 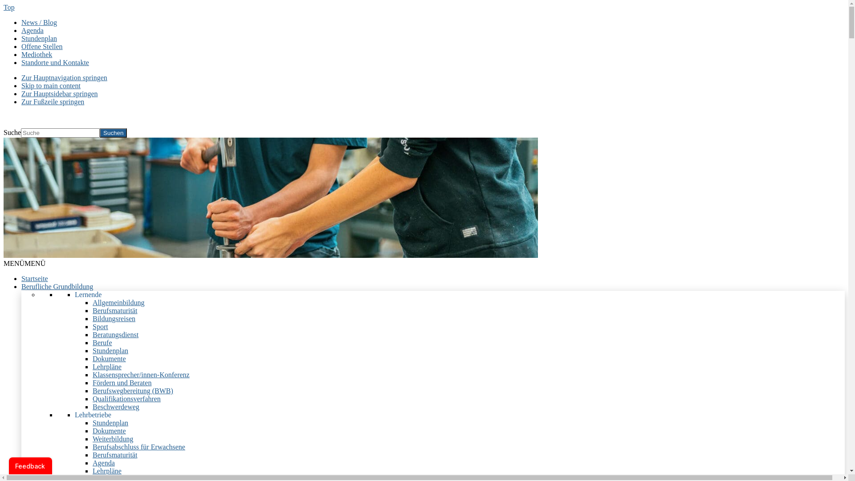 I want to click on 'Bildungsreisen', so click(x=92, y=318).